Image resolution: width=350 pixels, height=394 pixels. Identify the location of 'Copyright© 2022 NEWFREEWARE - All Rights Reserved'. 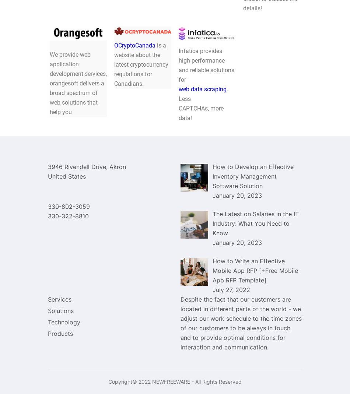
(175, 381).